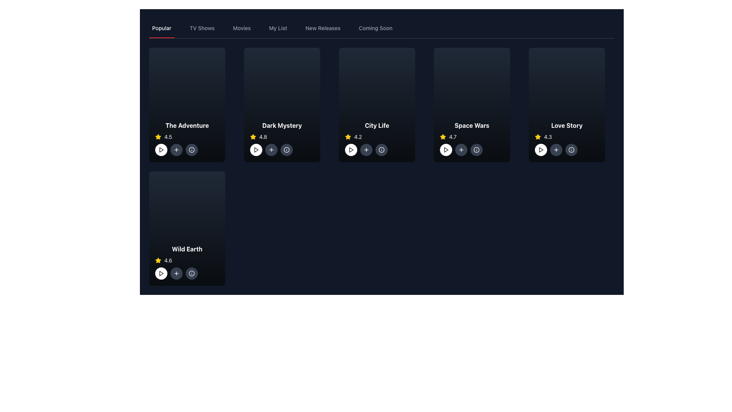  I want to click on the circular icon with a thick border and a dot at its center, located in the lower-right corner of the 'Wild Earth' card, so click(192, 273).